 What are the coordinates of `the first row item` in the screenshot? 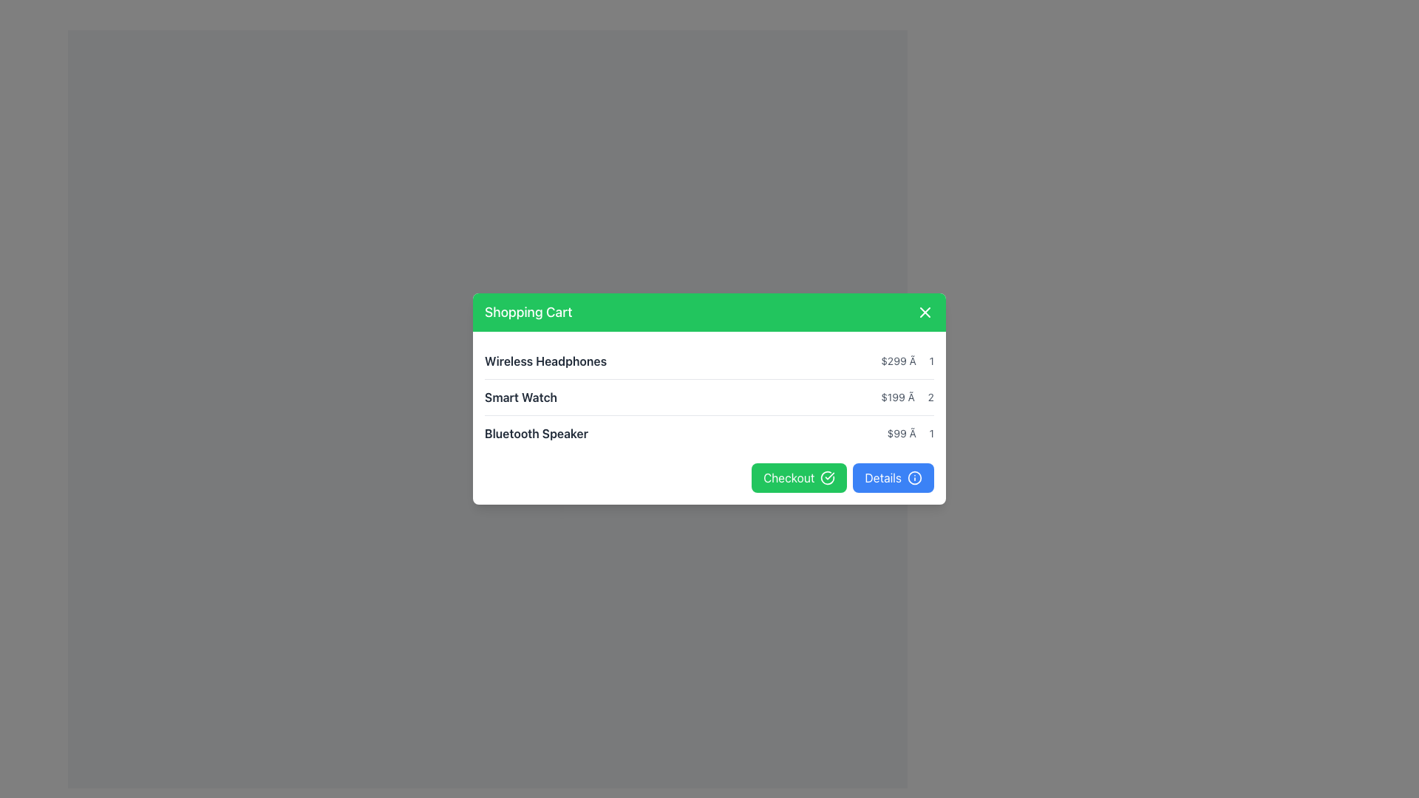 It's located at (709, 361).